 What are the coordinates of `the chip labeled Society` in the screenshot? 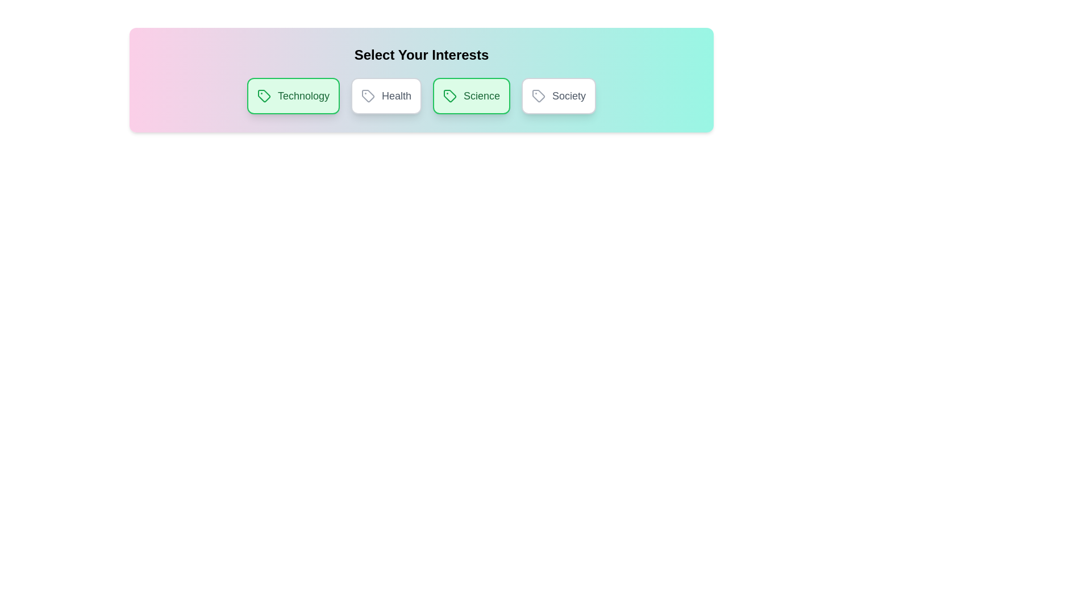 It's located at (559, 96).